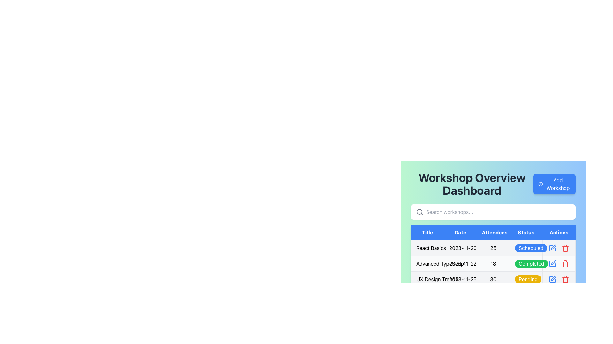  Describe the element at coordinates (554, 184) in the screenshot. I see `the 'Add New Workshop' button located in the top-right corner of the 'Workshop Overview Dashboard'` at that location.